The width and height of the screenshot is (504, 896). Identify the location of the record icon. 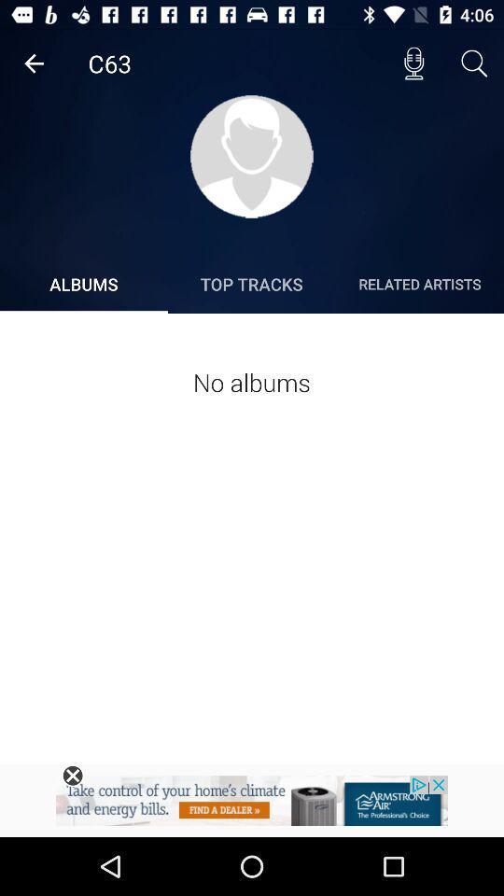
(413, 63).